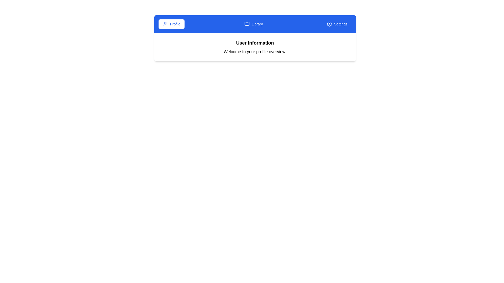 The image size is (504, 283). What do you see at coordinates (246, 24) in the screenshot?
I see `the open book icon in the navigation bar` at bounding box center [246, 24].